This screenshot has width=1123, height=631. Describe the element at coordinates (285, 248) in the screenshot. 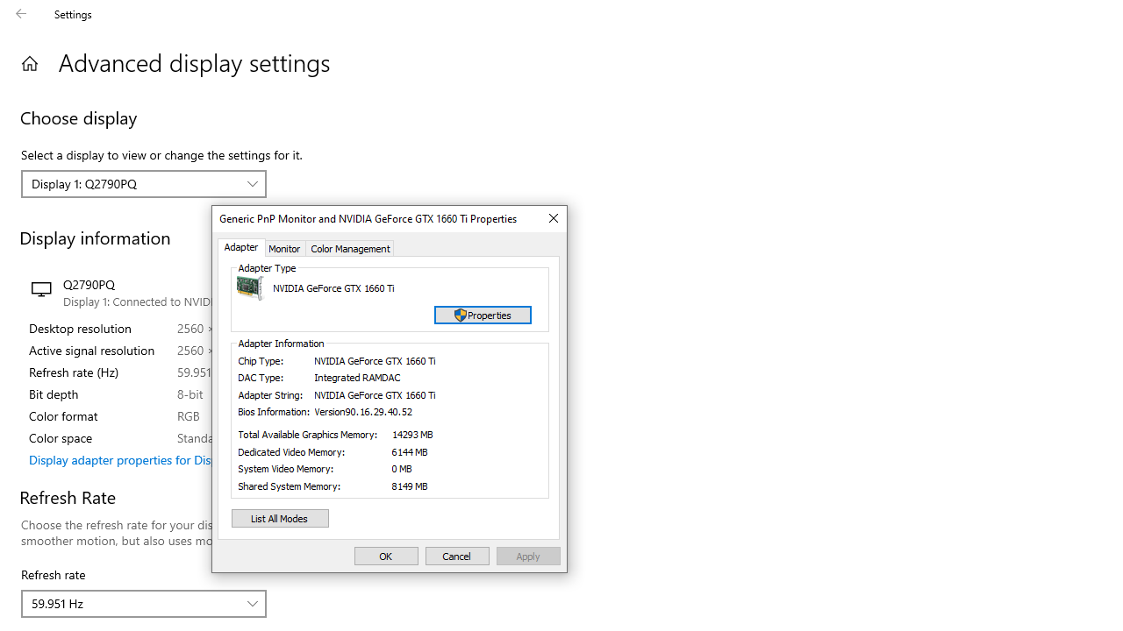

I see `'Monitor'` at that location.